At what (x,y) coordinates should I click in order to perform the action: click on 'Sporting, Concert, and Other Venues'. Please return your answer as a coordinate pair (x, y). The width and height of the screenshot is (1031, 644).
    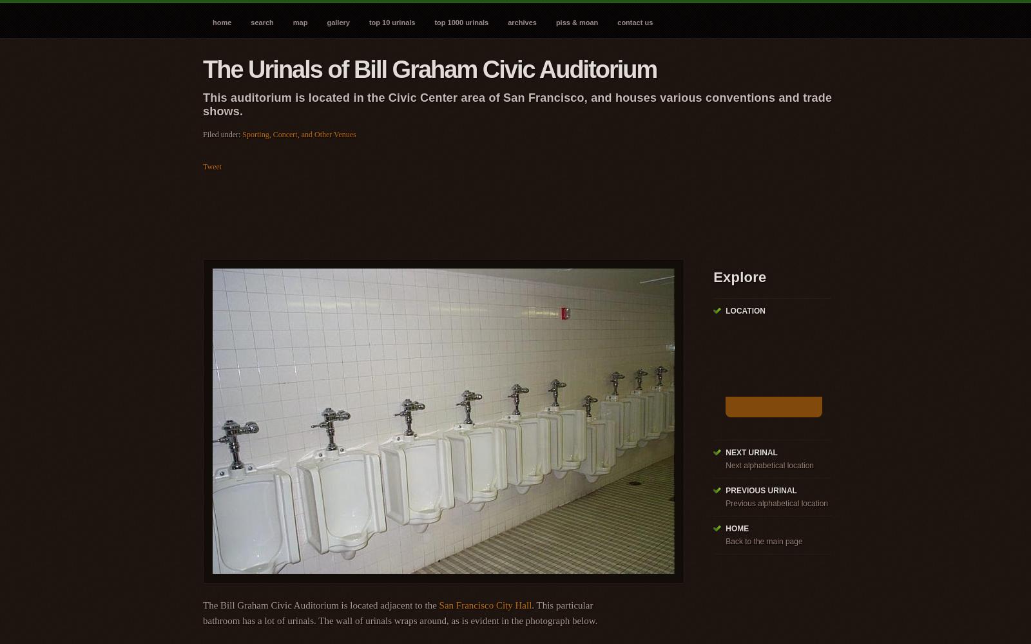
    Looking at the image, I should click on (298, 134).